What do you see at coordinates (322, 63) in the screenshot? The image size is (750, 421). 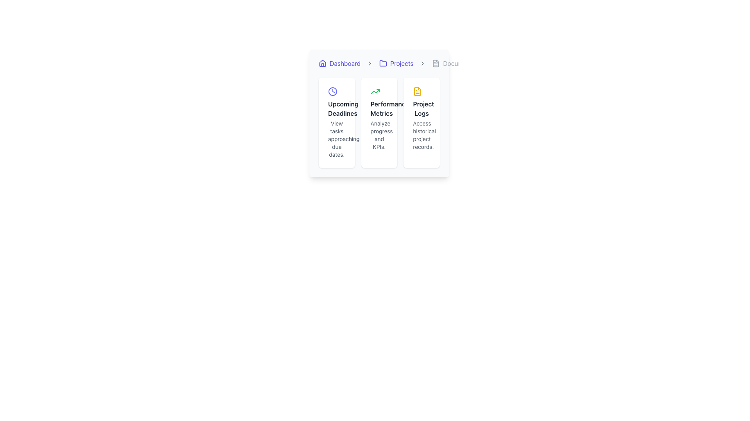 I see `the house icon located in the breadcrumb navigation bar, which is the leftmost element immediately preceding the 'Dashboard' text` at bounding box center [322, 63].